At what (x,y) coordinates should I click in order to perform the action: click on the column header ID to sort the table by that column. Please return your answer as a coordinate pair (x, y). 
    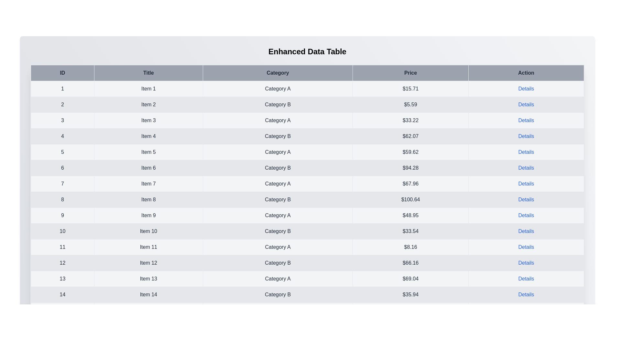
    Looking at the image, I should click on (62, 73).